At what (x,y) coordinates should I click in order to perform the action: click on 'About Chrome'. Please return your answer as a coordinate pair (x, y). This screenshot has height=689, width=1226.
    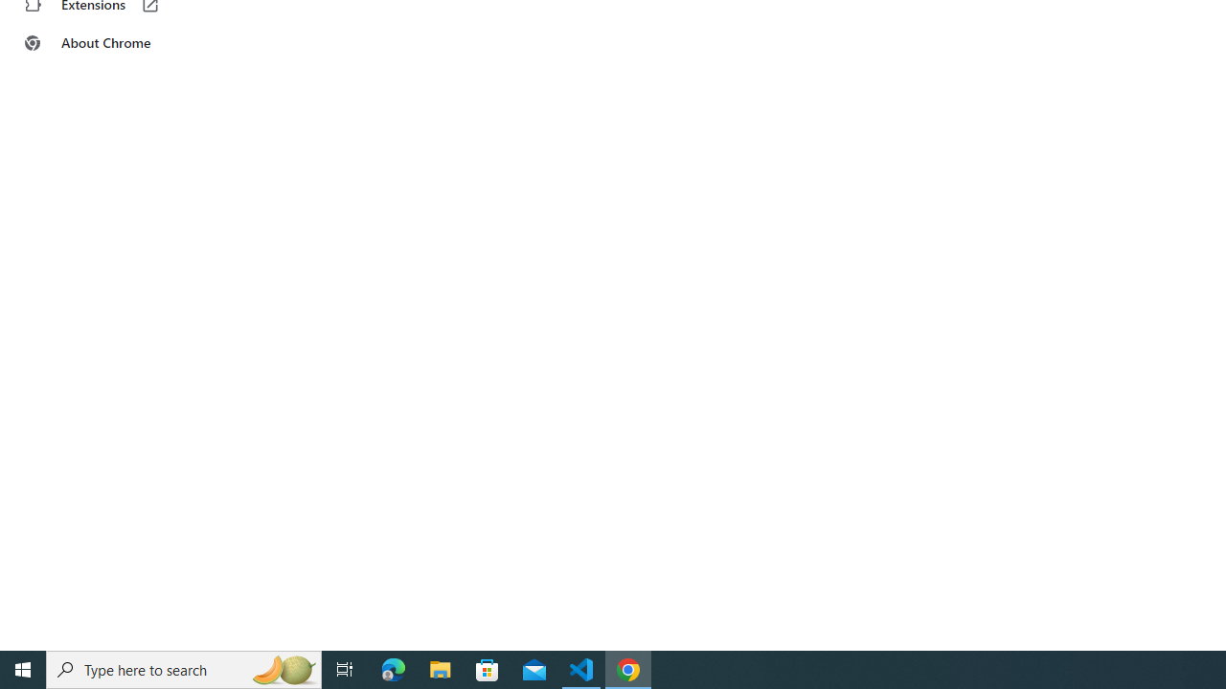
    Looking at the image, I should click on (118, 43).